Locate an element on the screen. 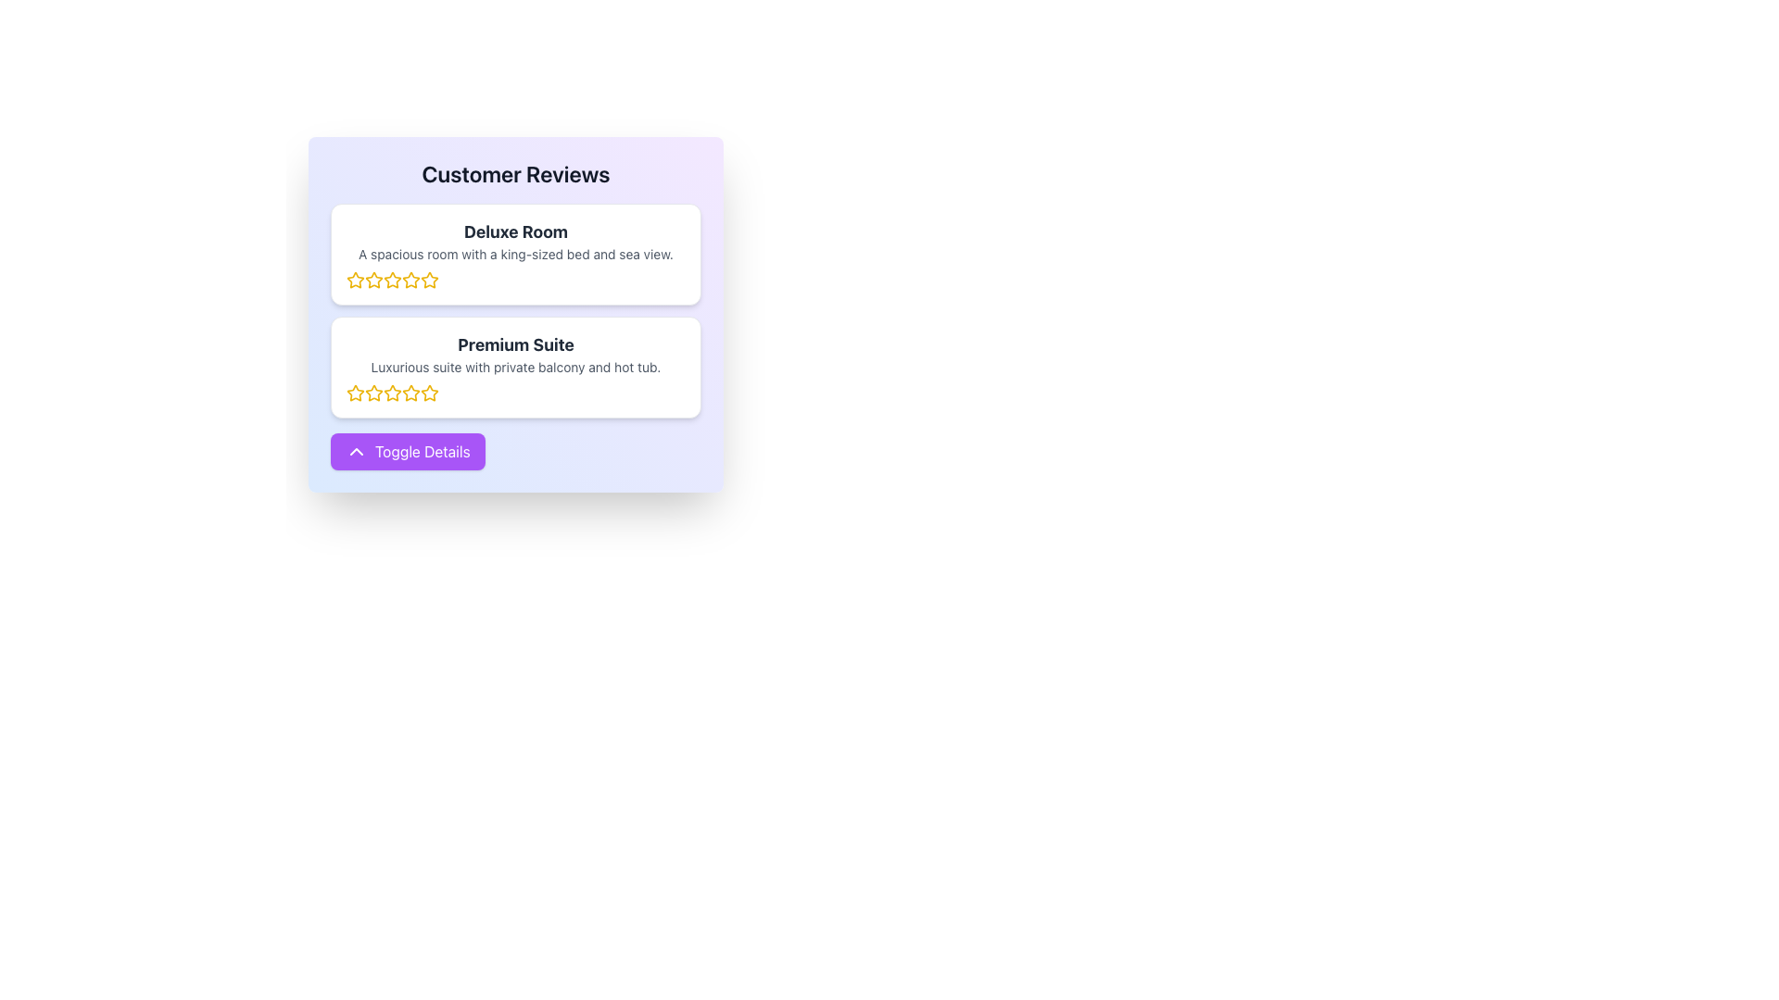 Image resolution: width=1779 pixels, height=1000 pixels. the third Rating star icon in the customer review section under the 'Deluxe Room' title to rate it is located at coordinates (429, 280).